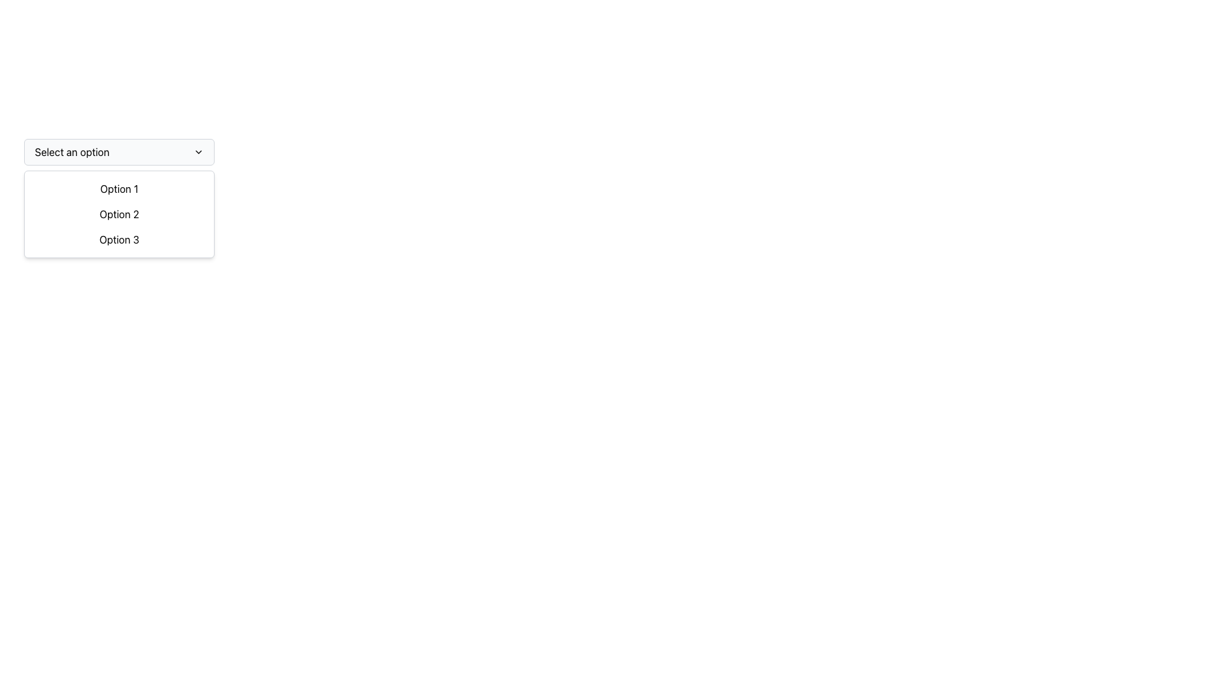  Describe the element at coordinates (119, 214) in the screenshot. I see `the second option of the dropdown list labeled 'Option 2', which is displayed in a white background with rounded corners, below the button labeled 'Select an option'` at that location.